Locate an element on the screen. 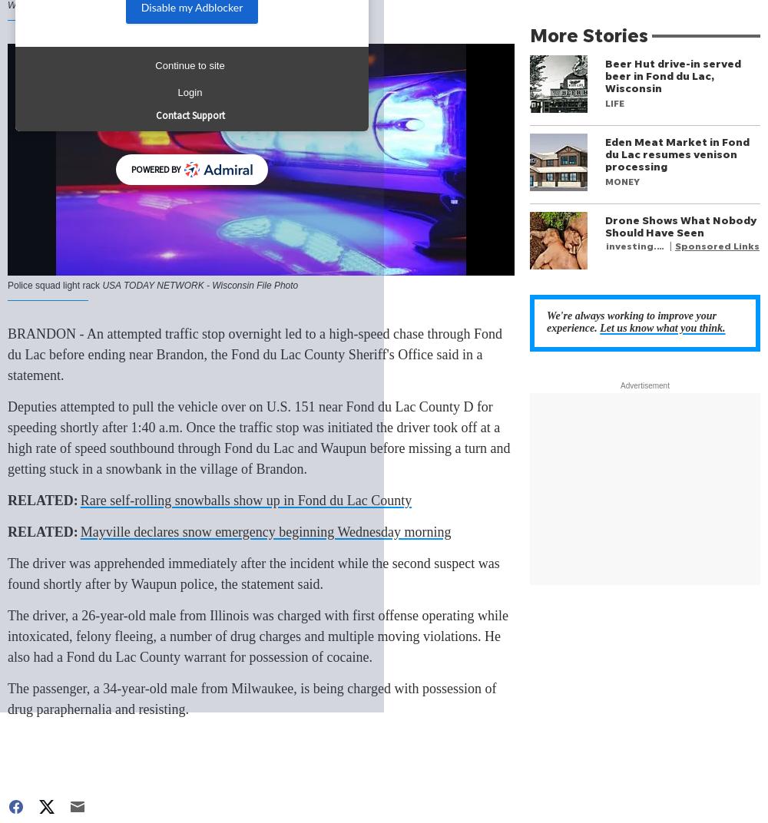 This screenshot has height=823, width=768. 'The driver, a 26-year-old male from Illinois was charged with first offense operating while intoxicated, felony fleeing, a number of drug charges and multiple moving violations. He also had a Fond du Lac County warrant for possession of cocaine.' is located at coordinates (8, 635).